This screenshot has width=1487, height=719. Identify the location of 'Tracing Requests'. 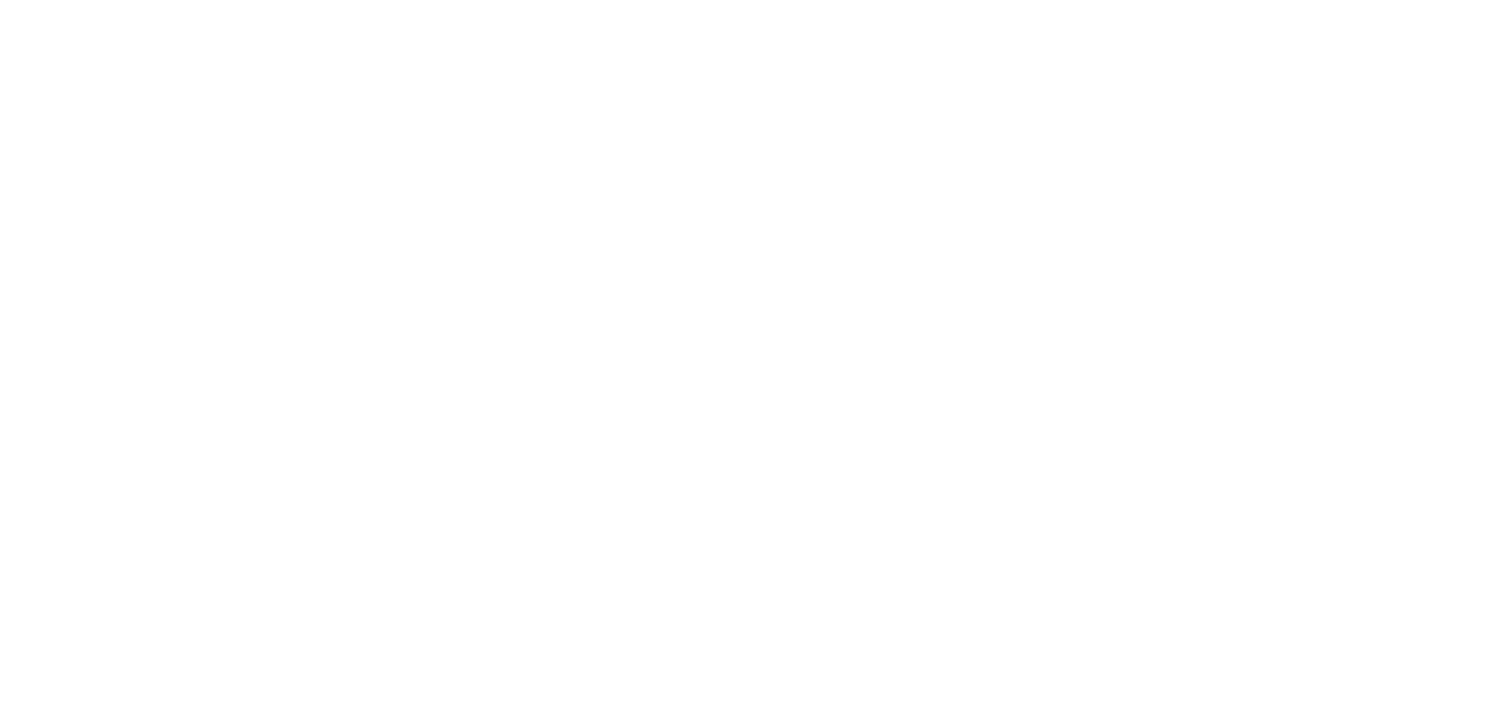
(1005, 95).